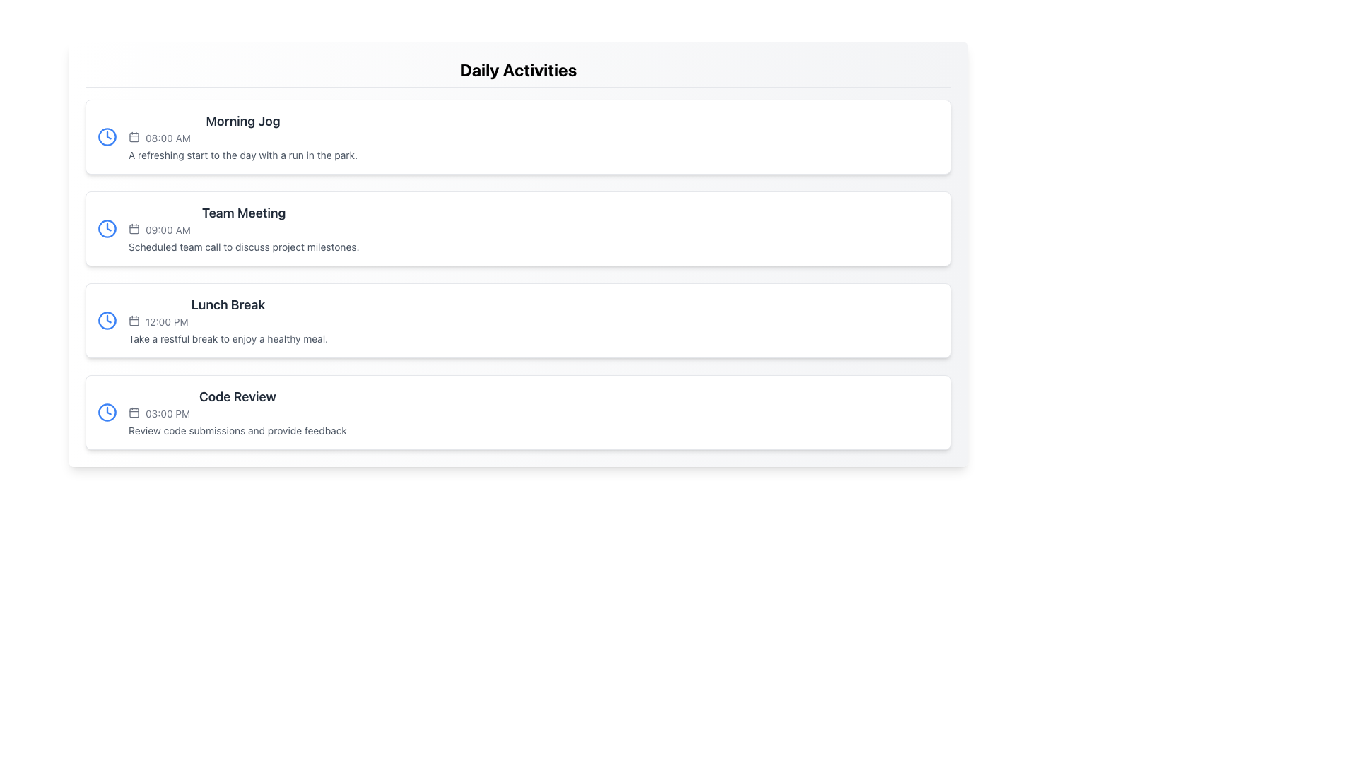 The height and width of the screenshot is (763, 1357). Describe the element at coordinates (134, 228) in the screenshot. I see `the calendar icon located in the second list item titled 'Team Meeting' under 'Daily Activities', positioned to the left of '09:00 AM'` at that location.